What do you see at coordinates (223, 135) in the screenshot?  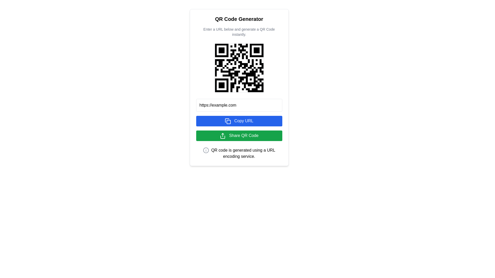 I see `the decorative icon on the left side of the green 'Share QR Code' button` at bounding box center [223, 135].